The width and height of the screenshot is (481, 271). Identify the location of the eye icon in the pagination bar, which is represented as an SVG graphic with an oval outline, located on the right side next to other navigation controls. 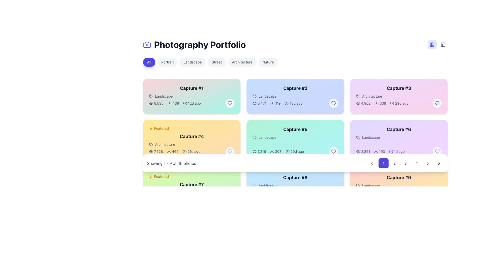
(358, 103).